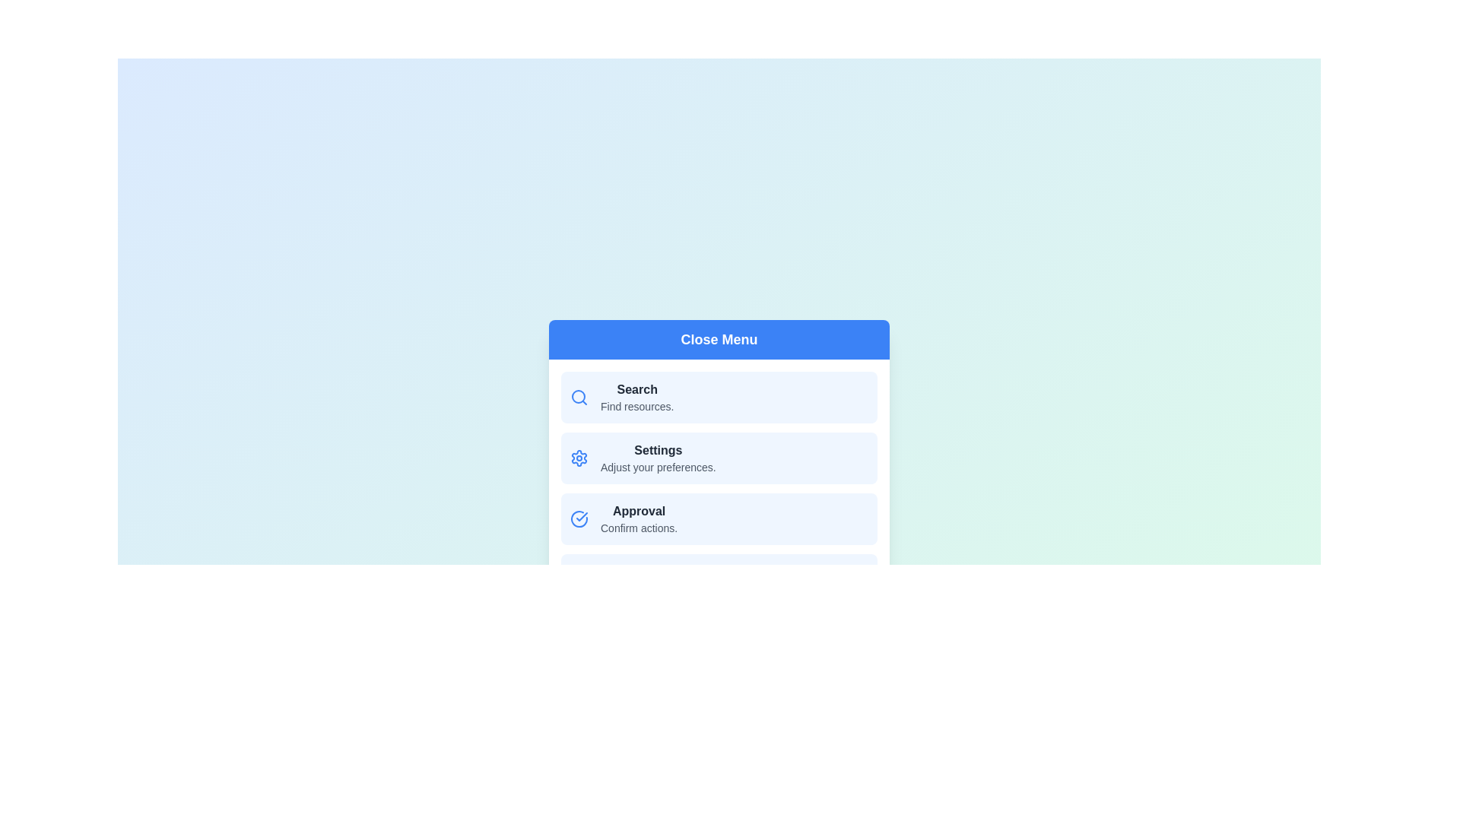 The height and width of the screenshot is (821, 1460). What do you see at coordinates (718, 397) in the screenshot?
I see `the menu item corresponding to Search` at bounding box center [718, 397].